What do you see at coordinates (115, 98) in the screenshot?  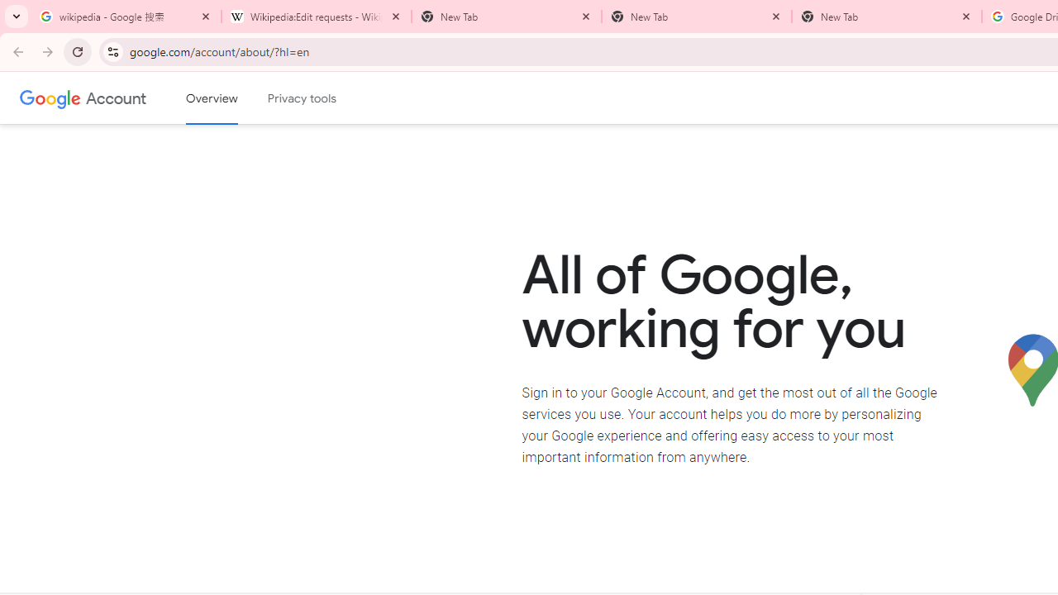 I see `'Google Account'` at bounding box center [115, 98].